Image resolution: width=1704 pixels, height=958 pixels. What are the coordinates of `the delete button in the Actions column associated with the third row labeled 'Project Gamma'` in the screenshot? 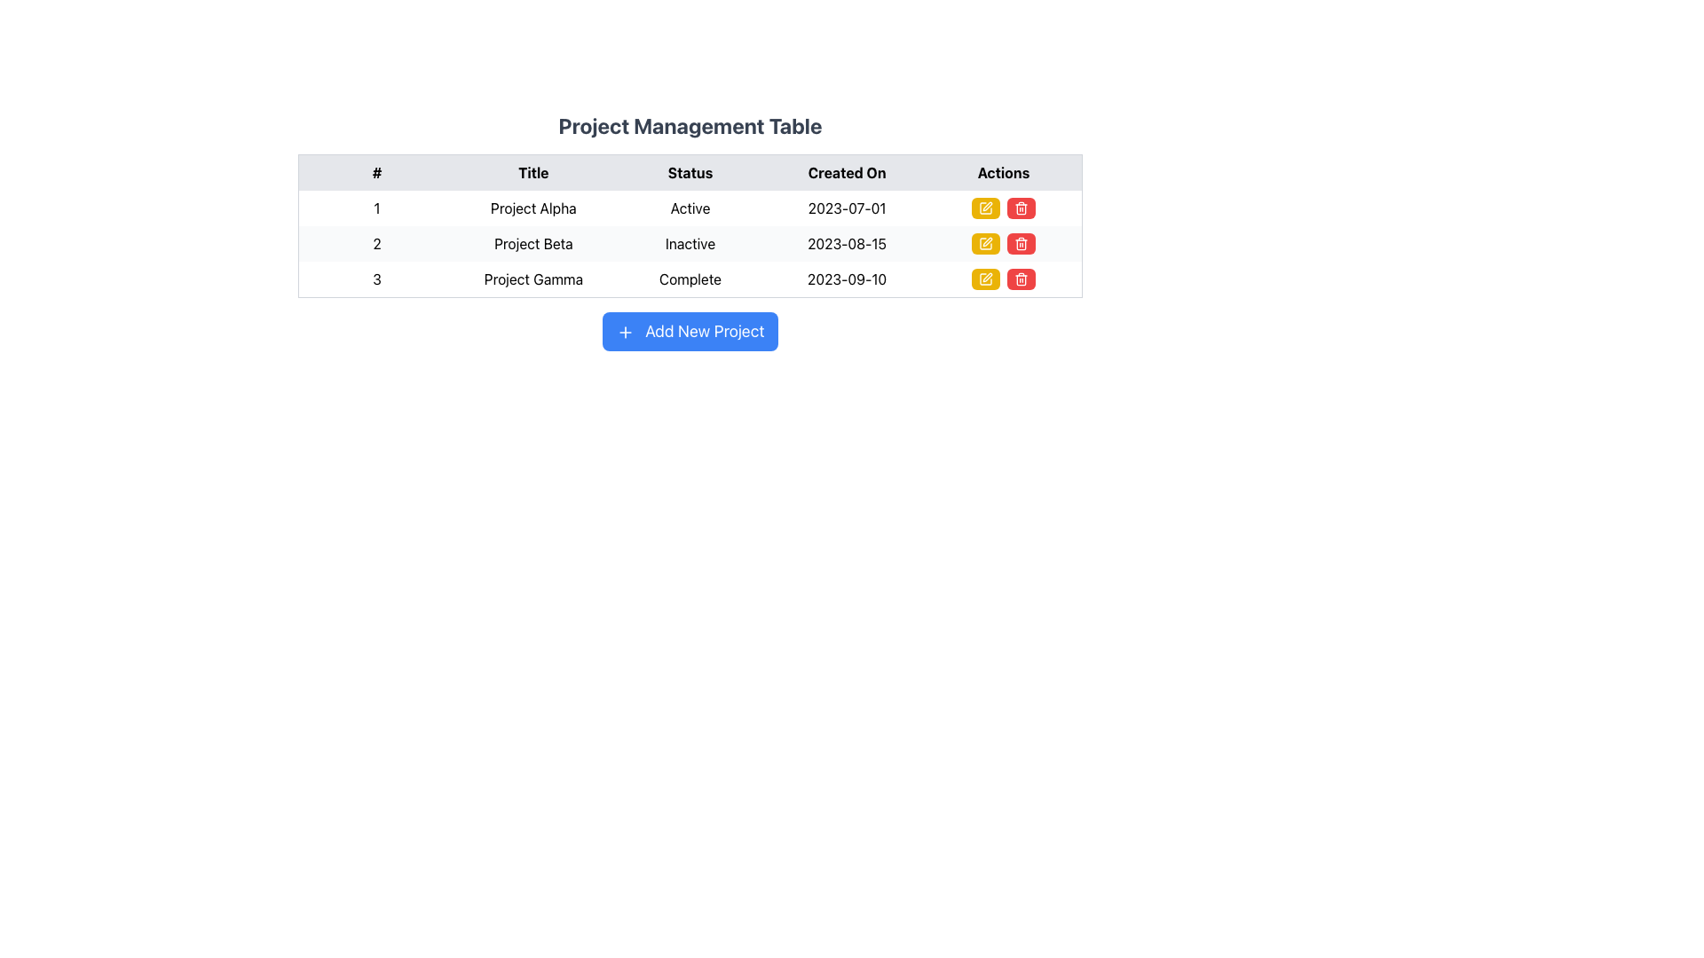 It's located at (1021, 279).